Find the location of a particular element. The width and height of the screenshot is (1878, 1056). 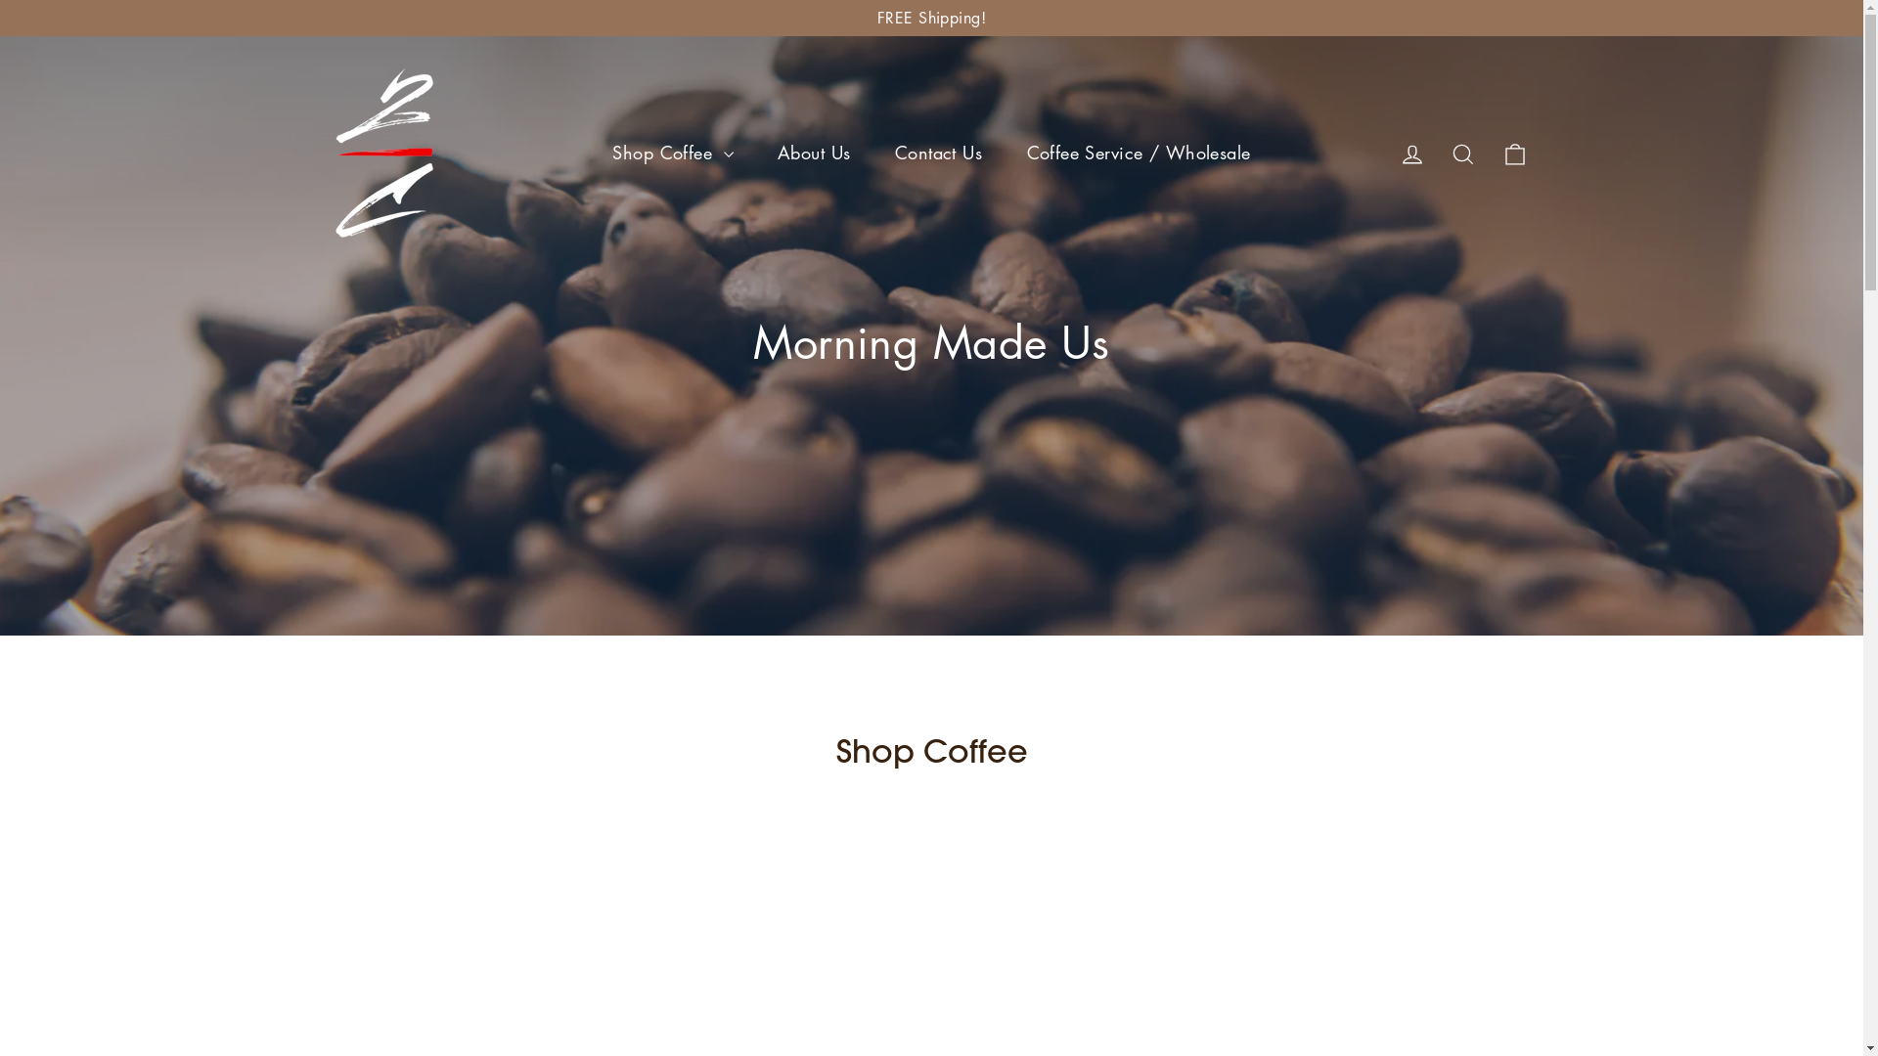

'Coffee Service / Wholesale' is located at coordinates (1139, 152).